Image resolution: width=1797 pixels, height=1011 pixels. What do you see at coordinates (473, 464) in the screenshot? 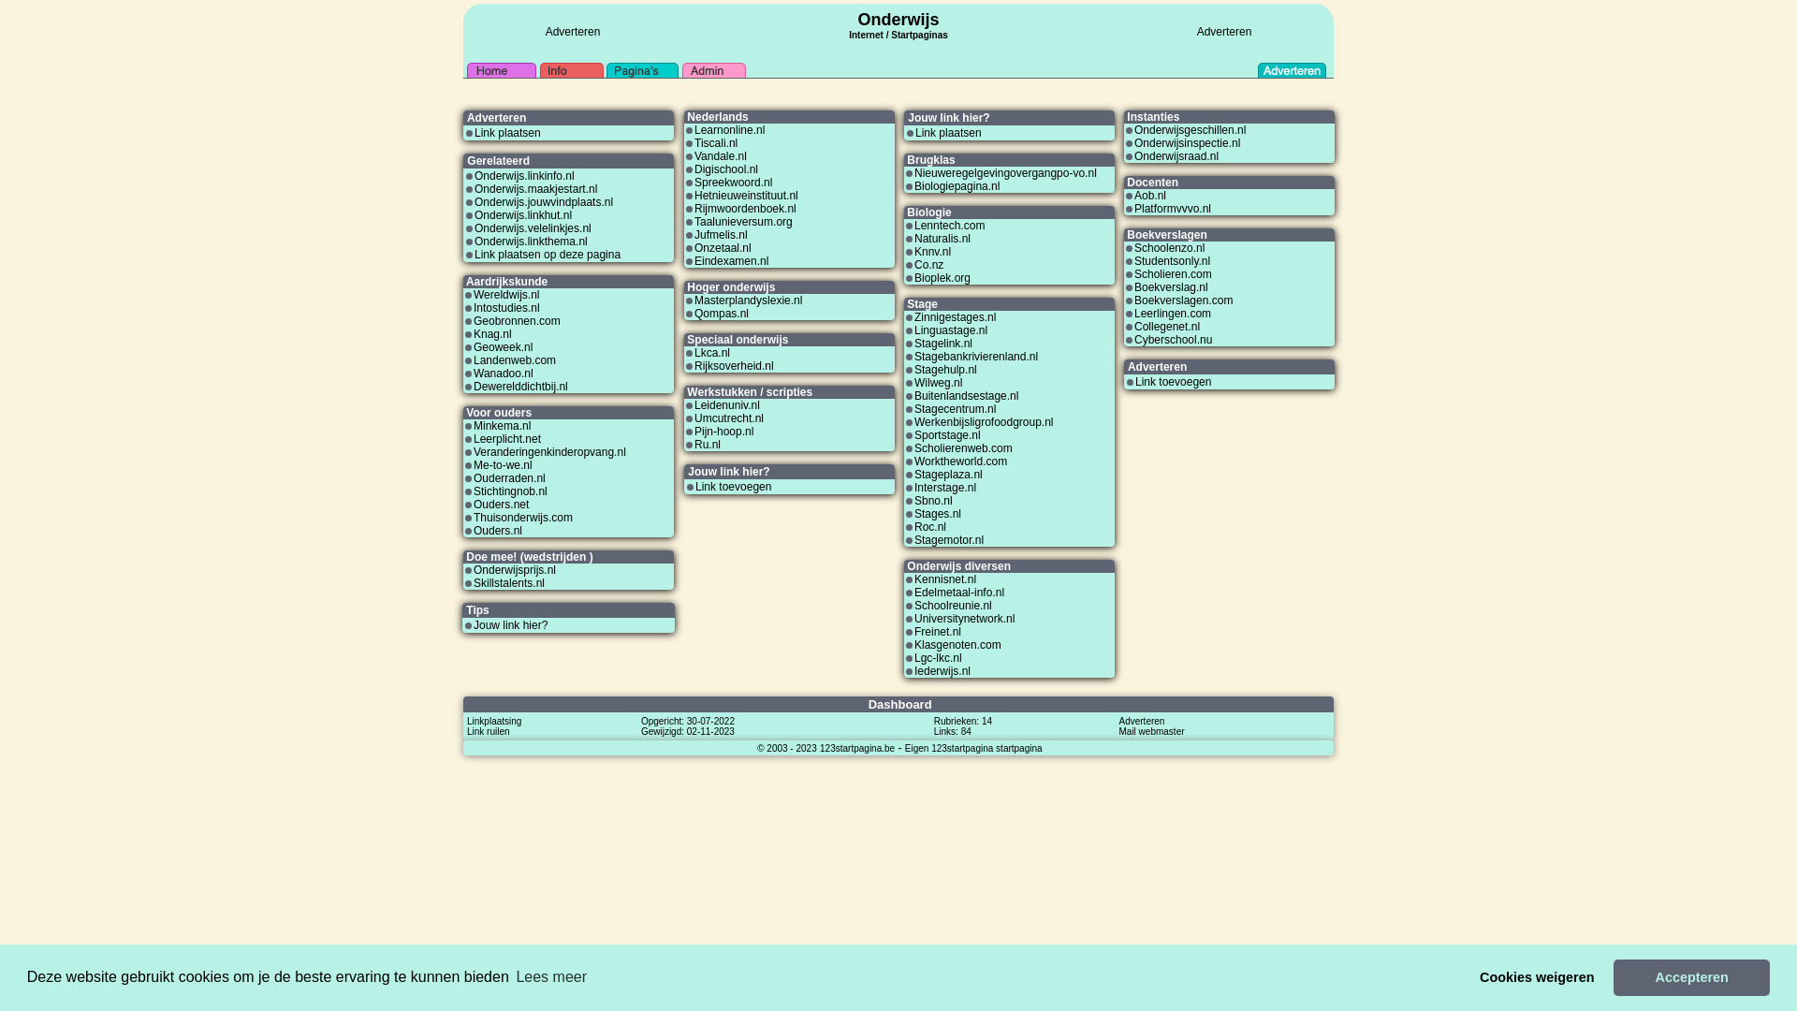
I see `'Me-to-we.nl'` at bounding box center [473, 464].